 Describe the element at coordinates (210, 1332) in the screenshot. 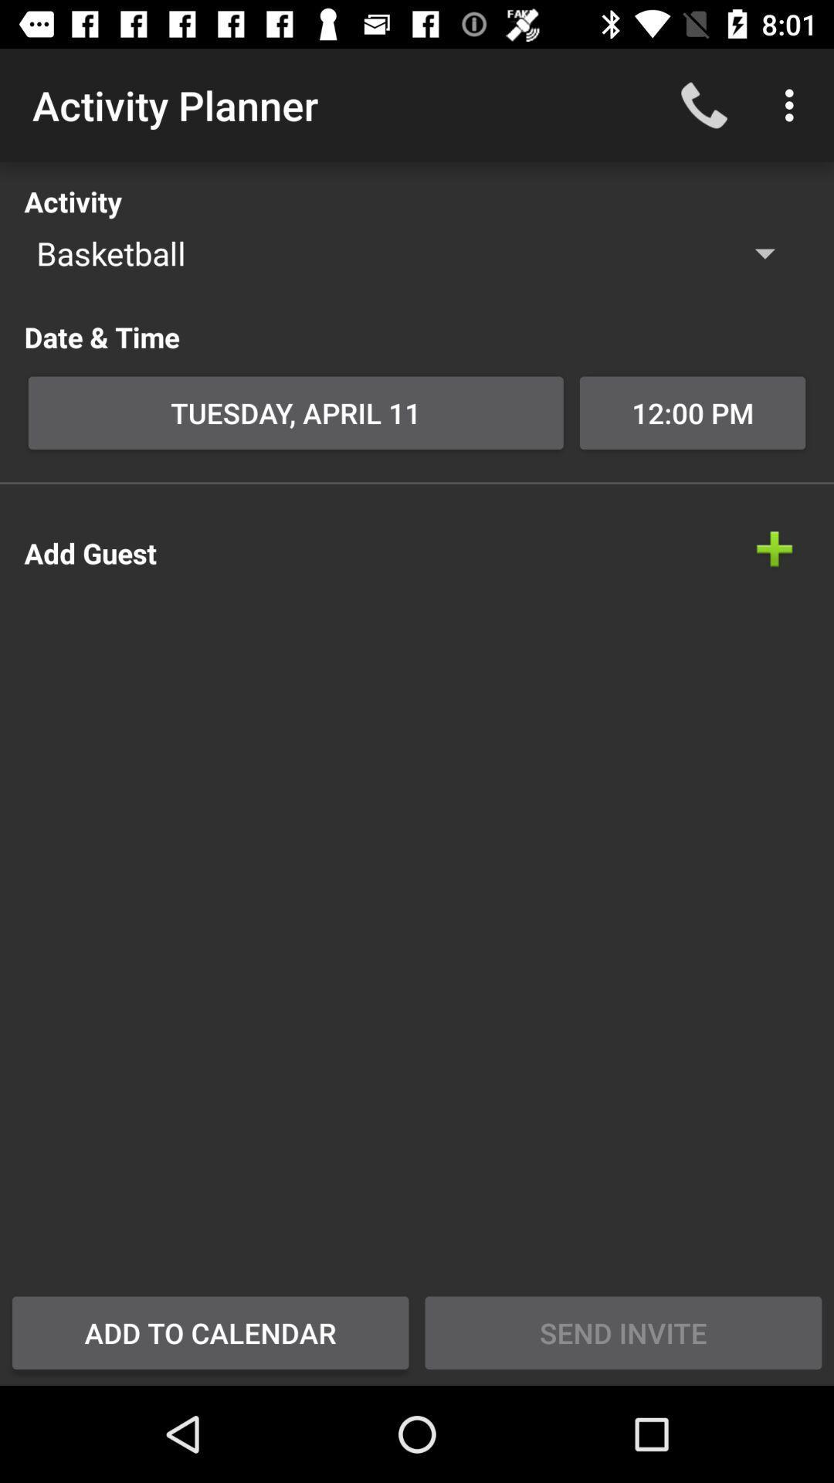

I see `icon next to the send invite icon` at that location.